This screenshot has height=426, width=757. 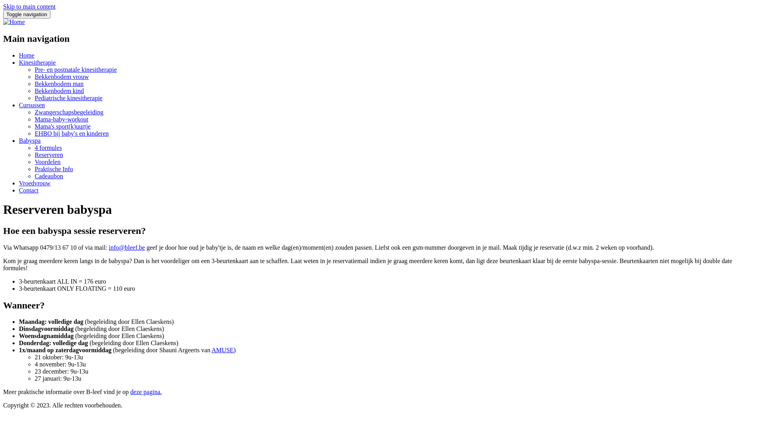 What do you see at coordinates (72, 133) in the screenshot?
I see `'EHBO bij baby's en kinderen'` at bounding box center [72, 133].